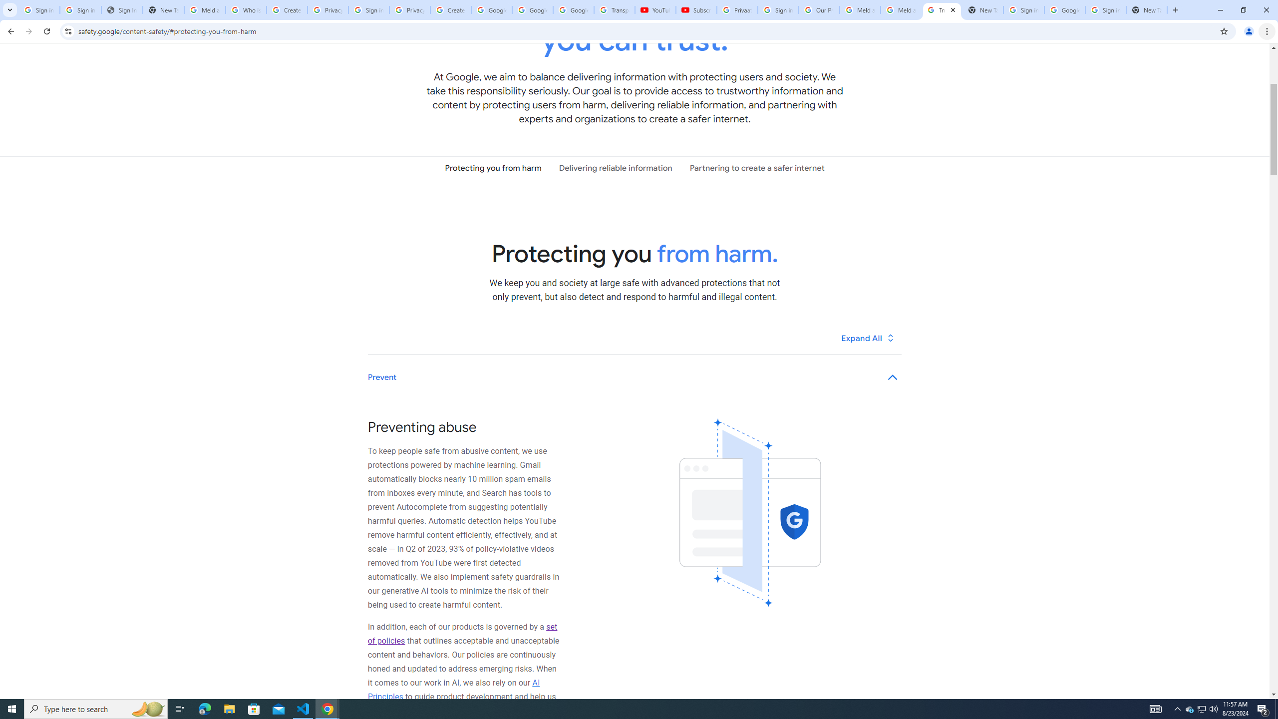 Image resolution: width=1278 pixels, height=719 pixels. I want to click on 'Expand All', so click(868, 337).